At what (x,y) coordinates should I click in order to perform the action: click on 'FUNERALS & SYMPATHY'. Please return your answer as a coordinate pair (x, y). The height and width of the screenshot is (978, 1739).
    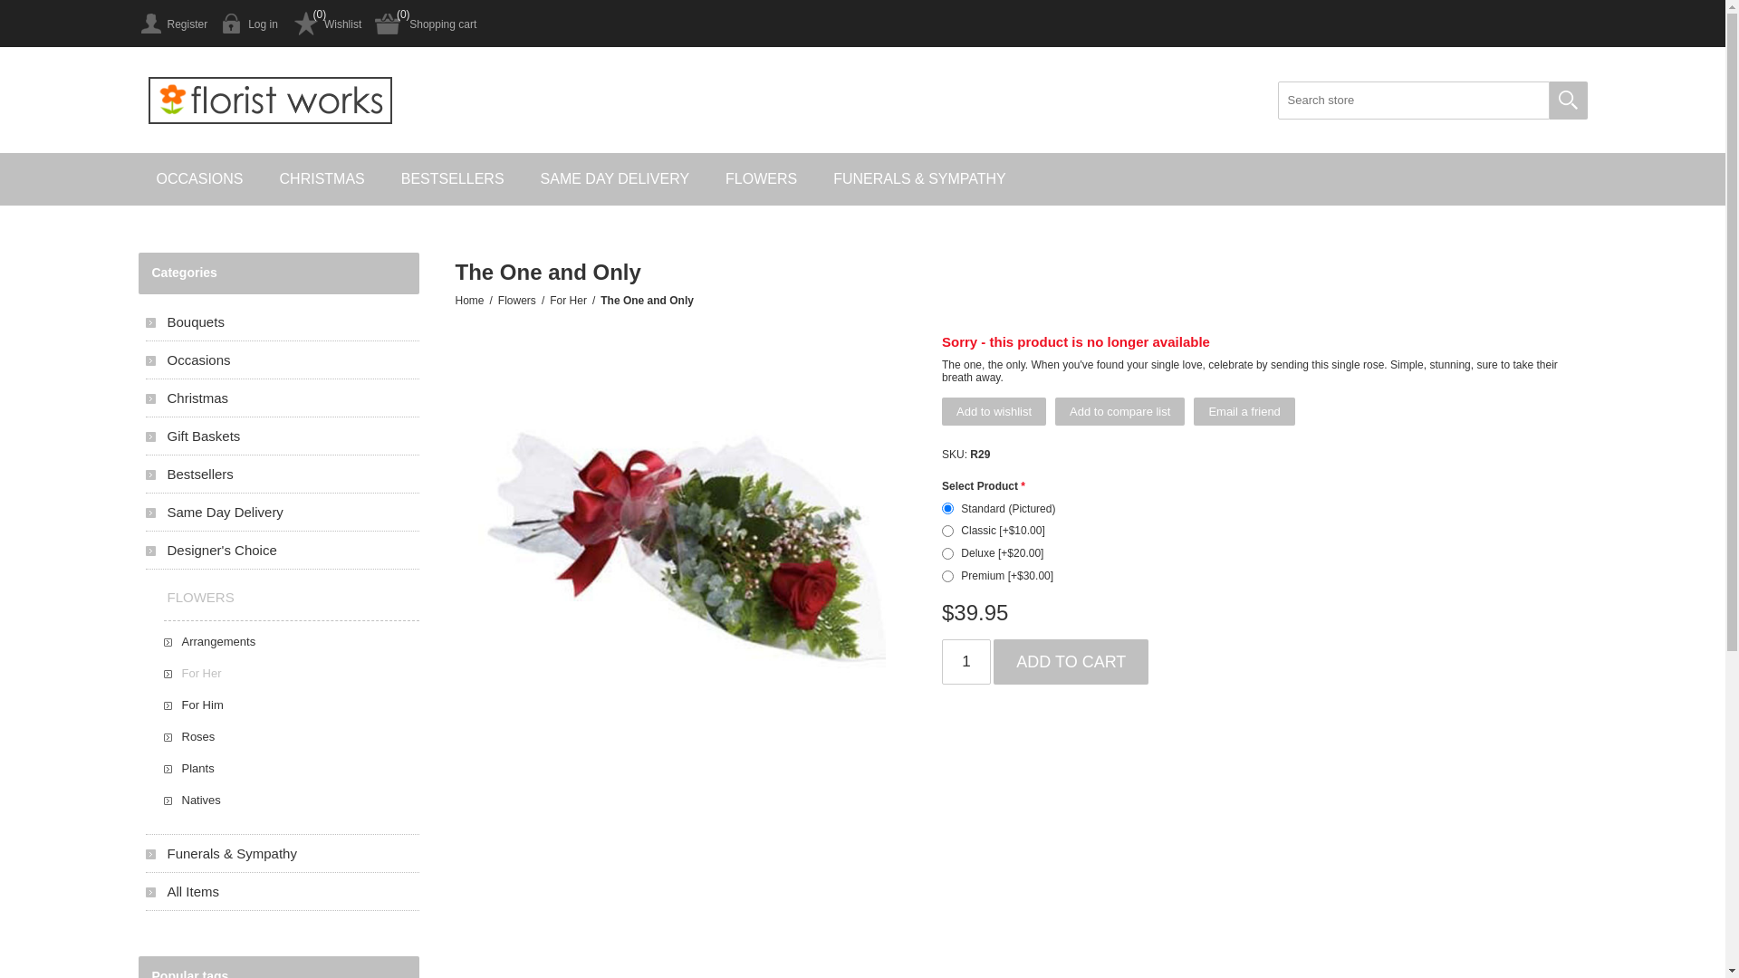
    Looking at the image, I should click on (919, 178).